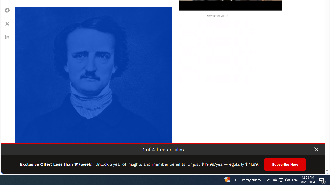  What do you see at coordinates (7, 10) in the screenshot?
I see `'Share Facebook'` at bounding box center [7, 10].